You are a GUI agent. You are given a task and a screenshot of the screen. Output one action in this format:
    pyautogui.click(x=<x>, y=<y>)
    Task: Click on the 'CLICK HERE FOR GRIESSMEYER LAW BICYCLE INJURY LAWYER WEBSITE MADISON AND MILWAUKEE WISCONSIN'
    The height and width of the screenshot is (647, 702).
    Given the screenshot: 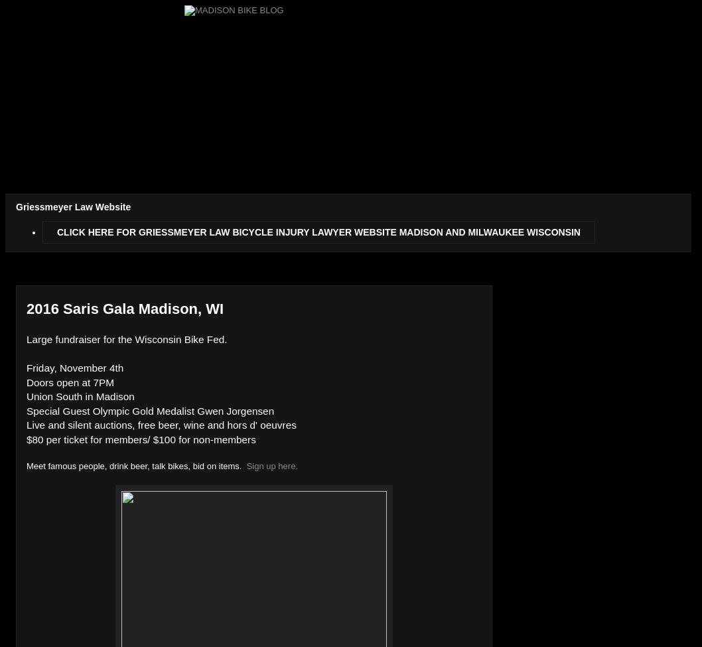 What is the action you would take?
    pyautogui.click(x=318, y=232)
    